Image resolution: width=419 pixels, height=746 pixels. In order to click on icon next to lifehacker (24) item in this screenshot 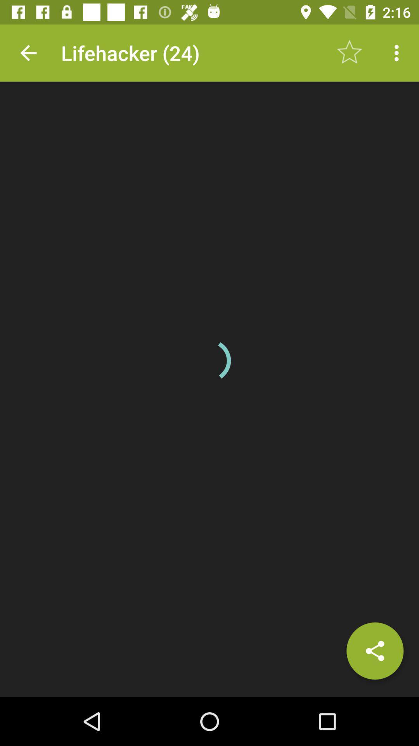, I will do `click(350, 52)`.